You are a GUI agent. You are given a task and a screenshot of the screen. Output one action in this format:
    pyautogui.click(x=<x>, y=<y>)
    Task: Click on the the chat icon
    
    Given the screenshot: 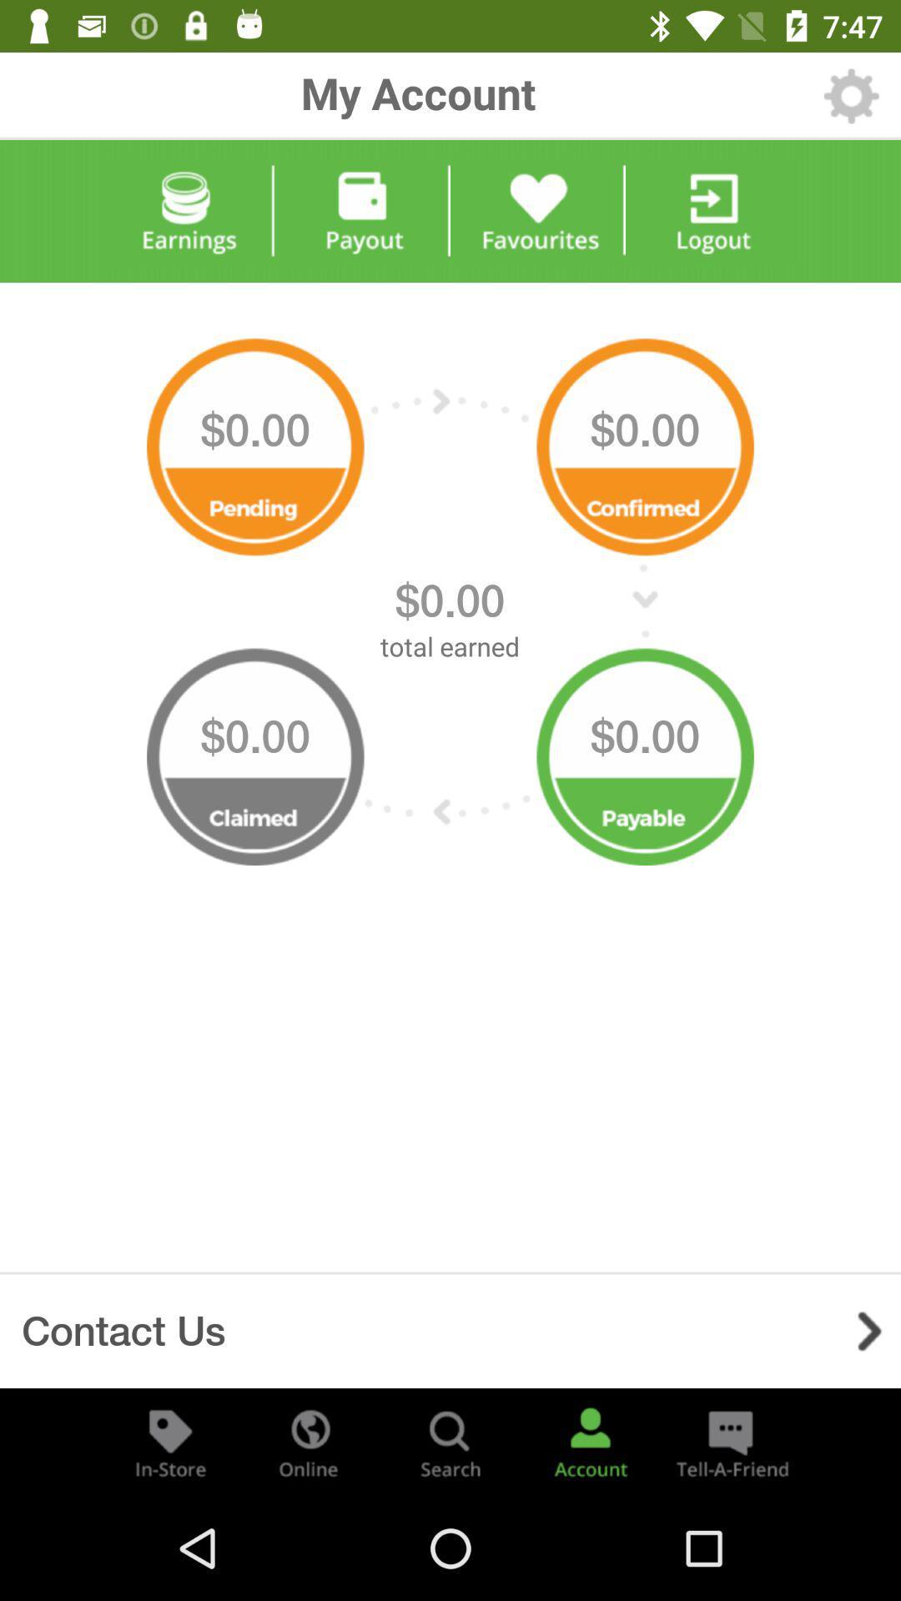 What is the action you would take?
    pyautogui.click(x=729, y=1441)
    